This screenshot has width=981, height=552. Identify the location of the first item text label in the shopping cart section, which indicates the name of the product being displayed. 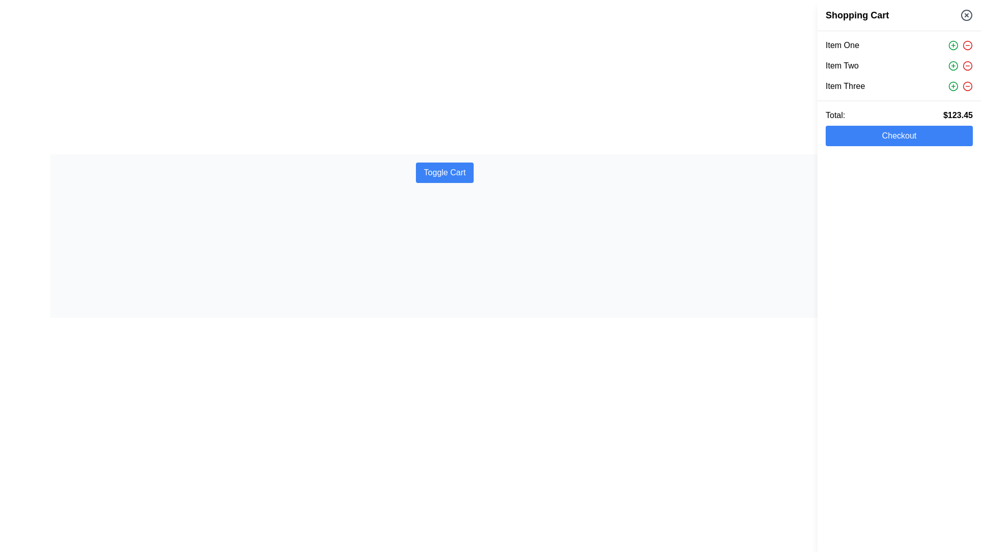
(842, 44).